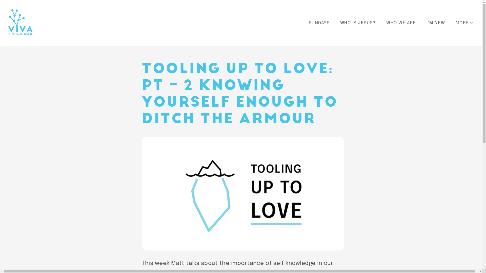 The image size is (486, 273). I want to click on 'WHO IS JESUS?', so click(358, 23).